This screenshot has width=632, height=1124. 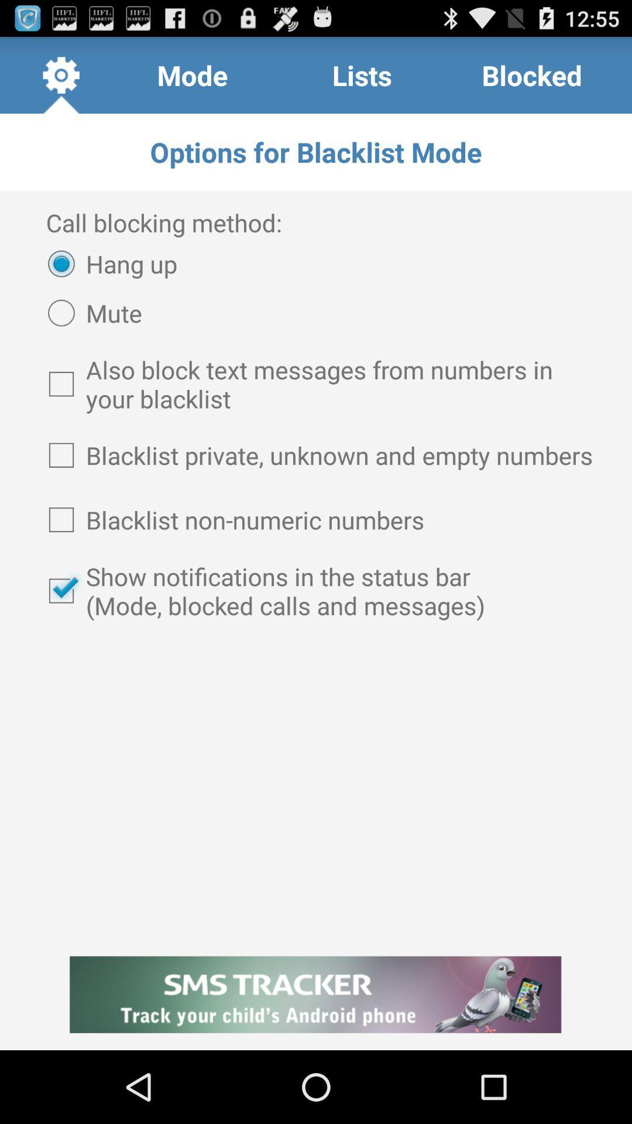 I want to click on the settings icon, so click(x=61, y=80).